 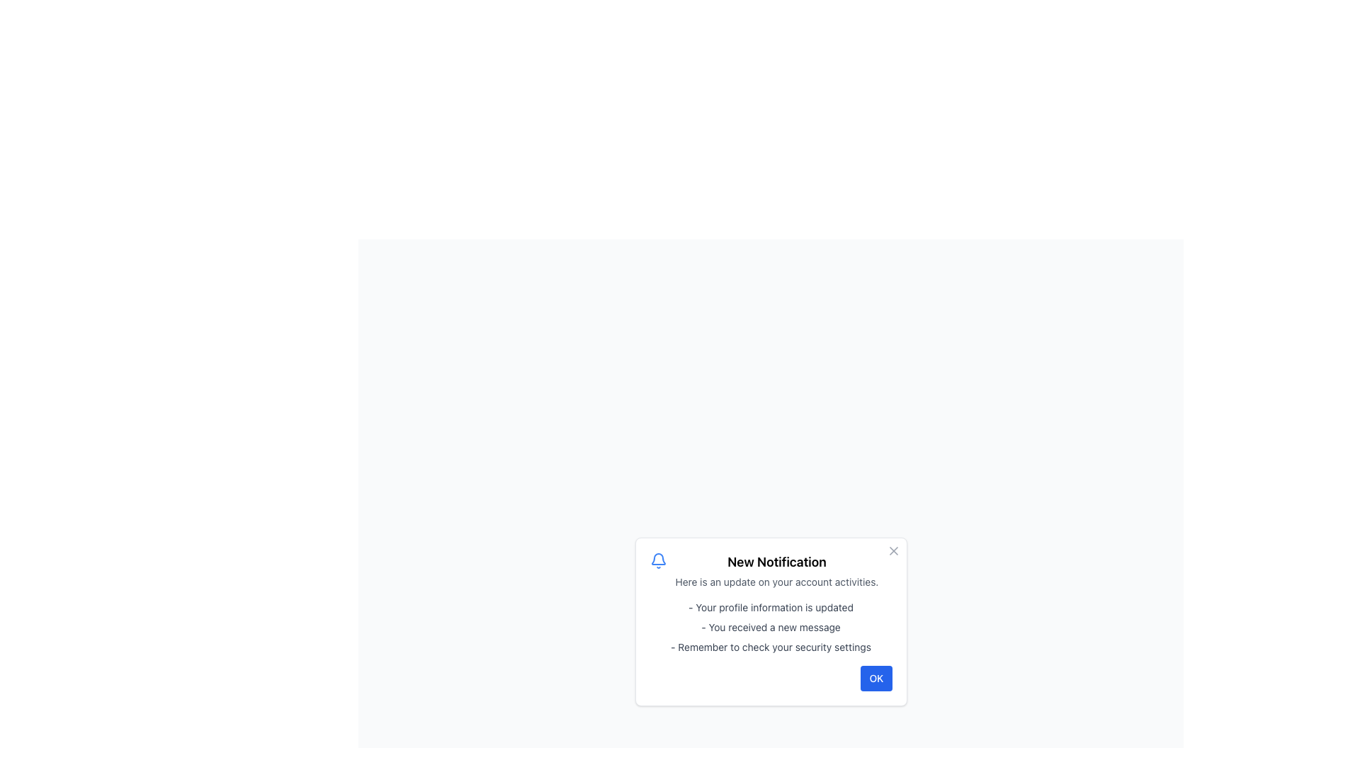 I want to click on text line in the notification box that states '- You received a new message.', so click(x=770, y=627).